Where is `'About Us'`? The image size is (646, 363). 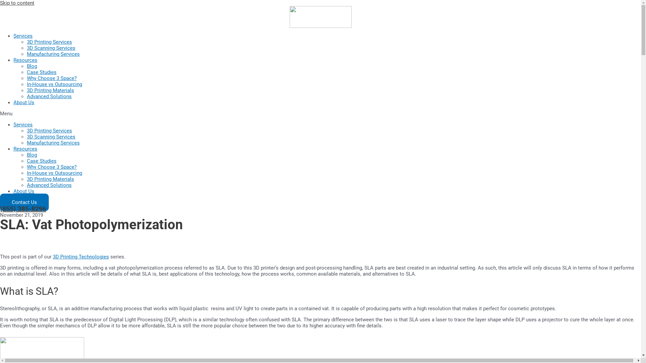
'About Us' is located at coordinates (24, 102).